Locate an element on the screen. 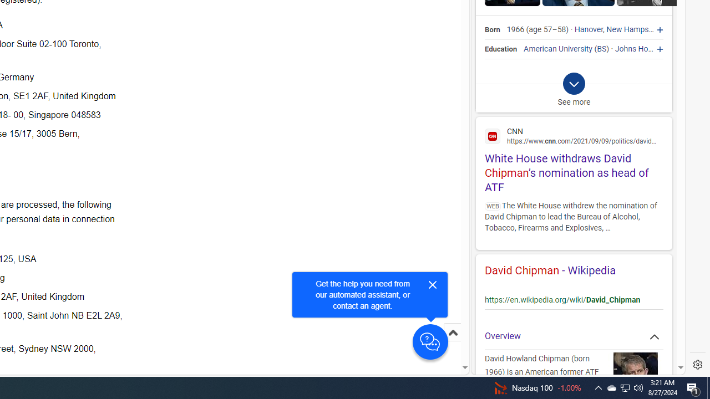 This screenshot has width=710, height=399. 'Hanover' is located at coordinates (588, 29).